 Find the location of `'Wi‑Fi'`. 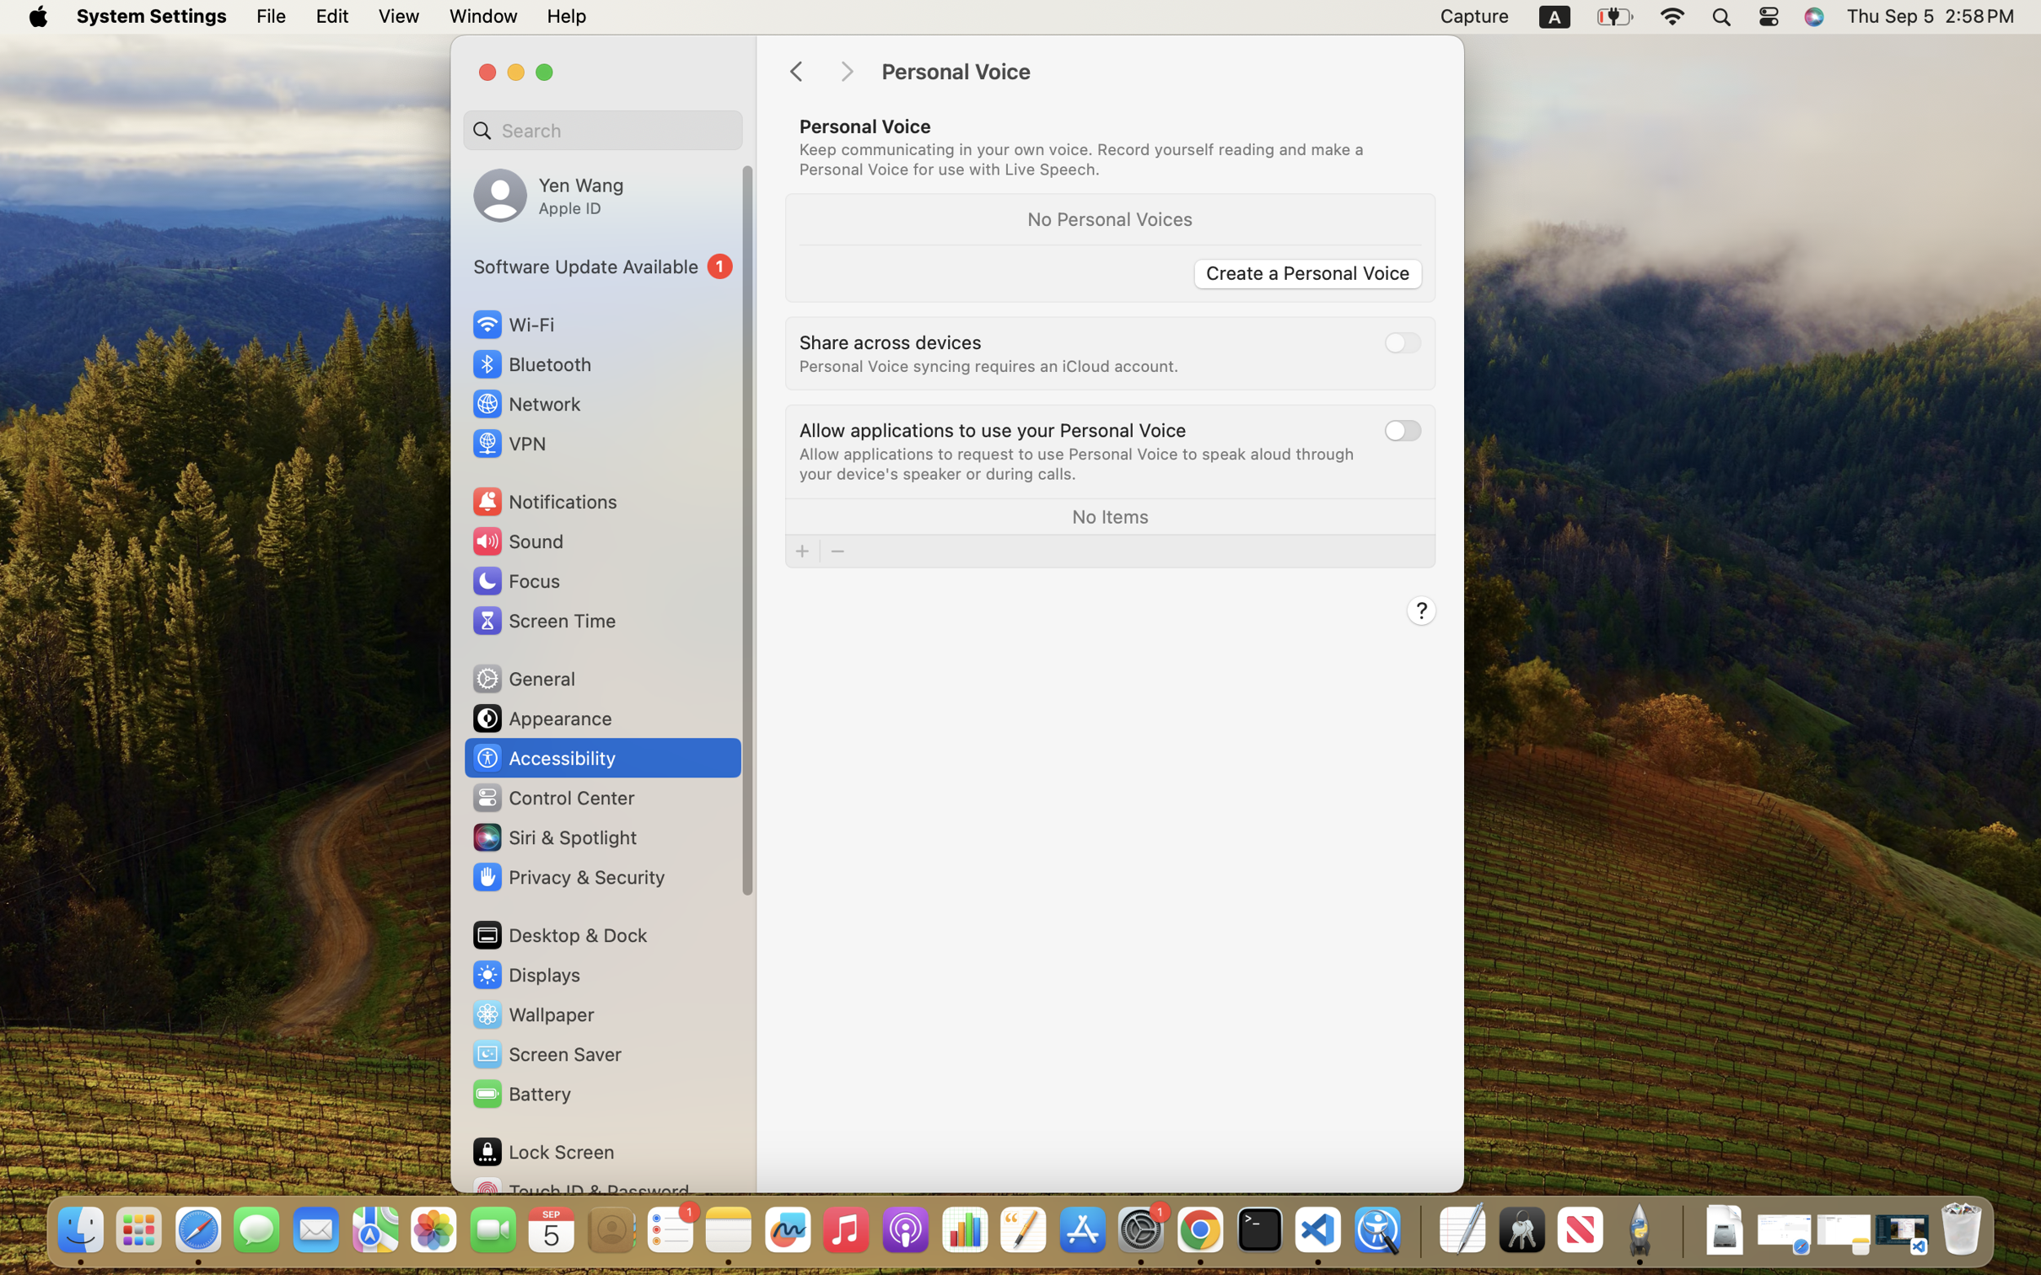

'Wi‑Fi' is located at coordinates (512, 323).